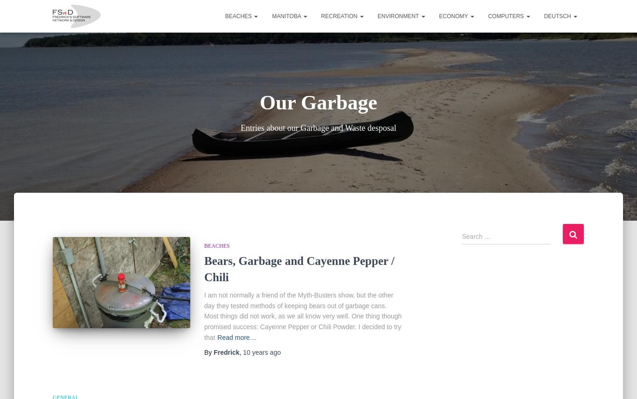  Describe the element at coordinates (259, 102) in the screenshot. I see `'Our Garbage'` at that location.